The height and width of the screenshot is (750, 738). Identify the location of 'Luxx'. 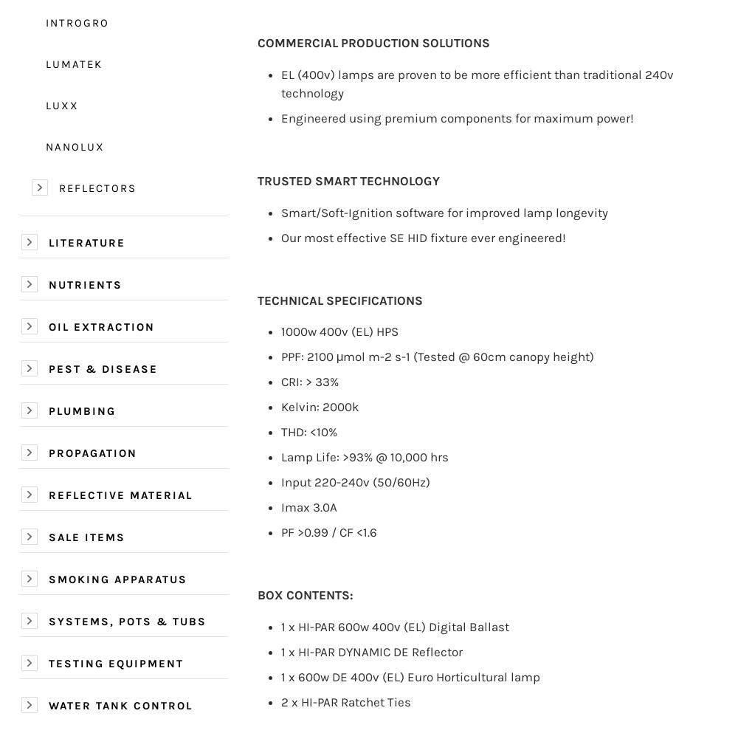
(61, 104).